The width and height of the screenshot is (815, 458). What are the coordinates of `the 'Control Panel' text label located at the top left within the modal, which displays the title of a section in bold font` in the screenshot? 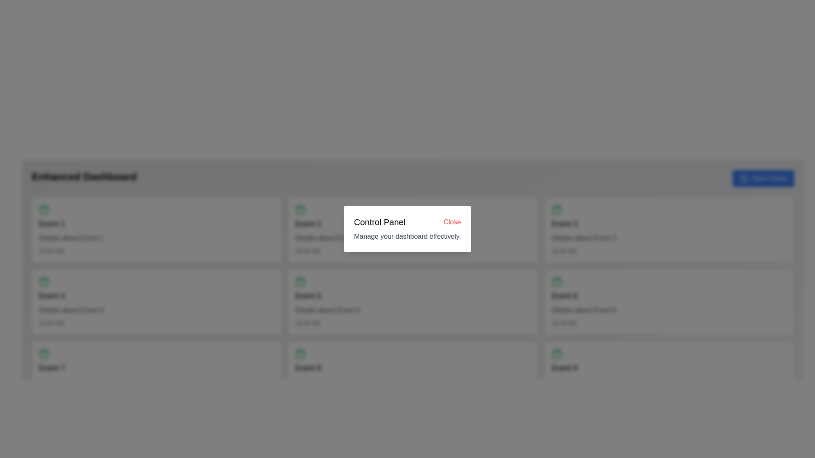 It's located at (379, 222).